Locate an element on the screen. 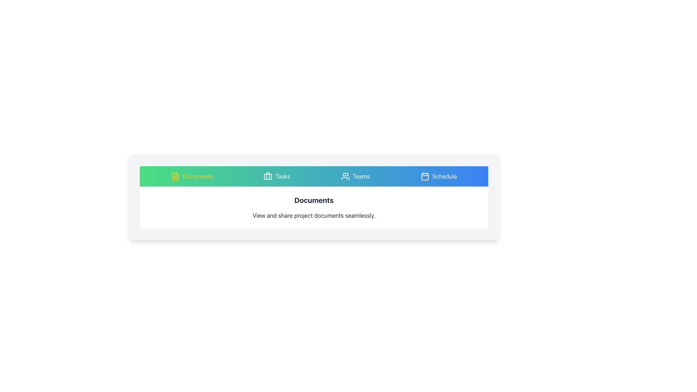  the SVG rectangle element inside the calendar icon, located on the rightmost side of the navigation bar aligned with the 'Schedule' label is located at coordinates (425, 176).